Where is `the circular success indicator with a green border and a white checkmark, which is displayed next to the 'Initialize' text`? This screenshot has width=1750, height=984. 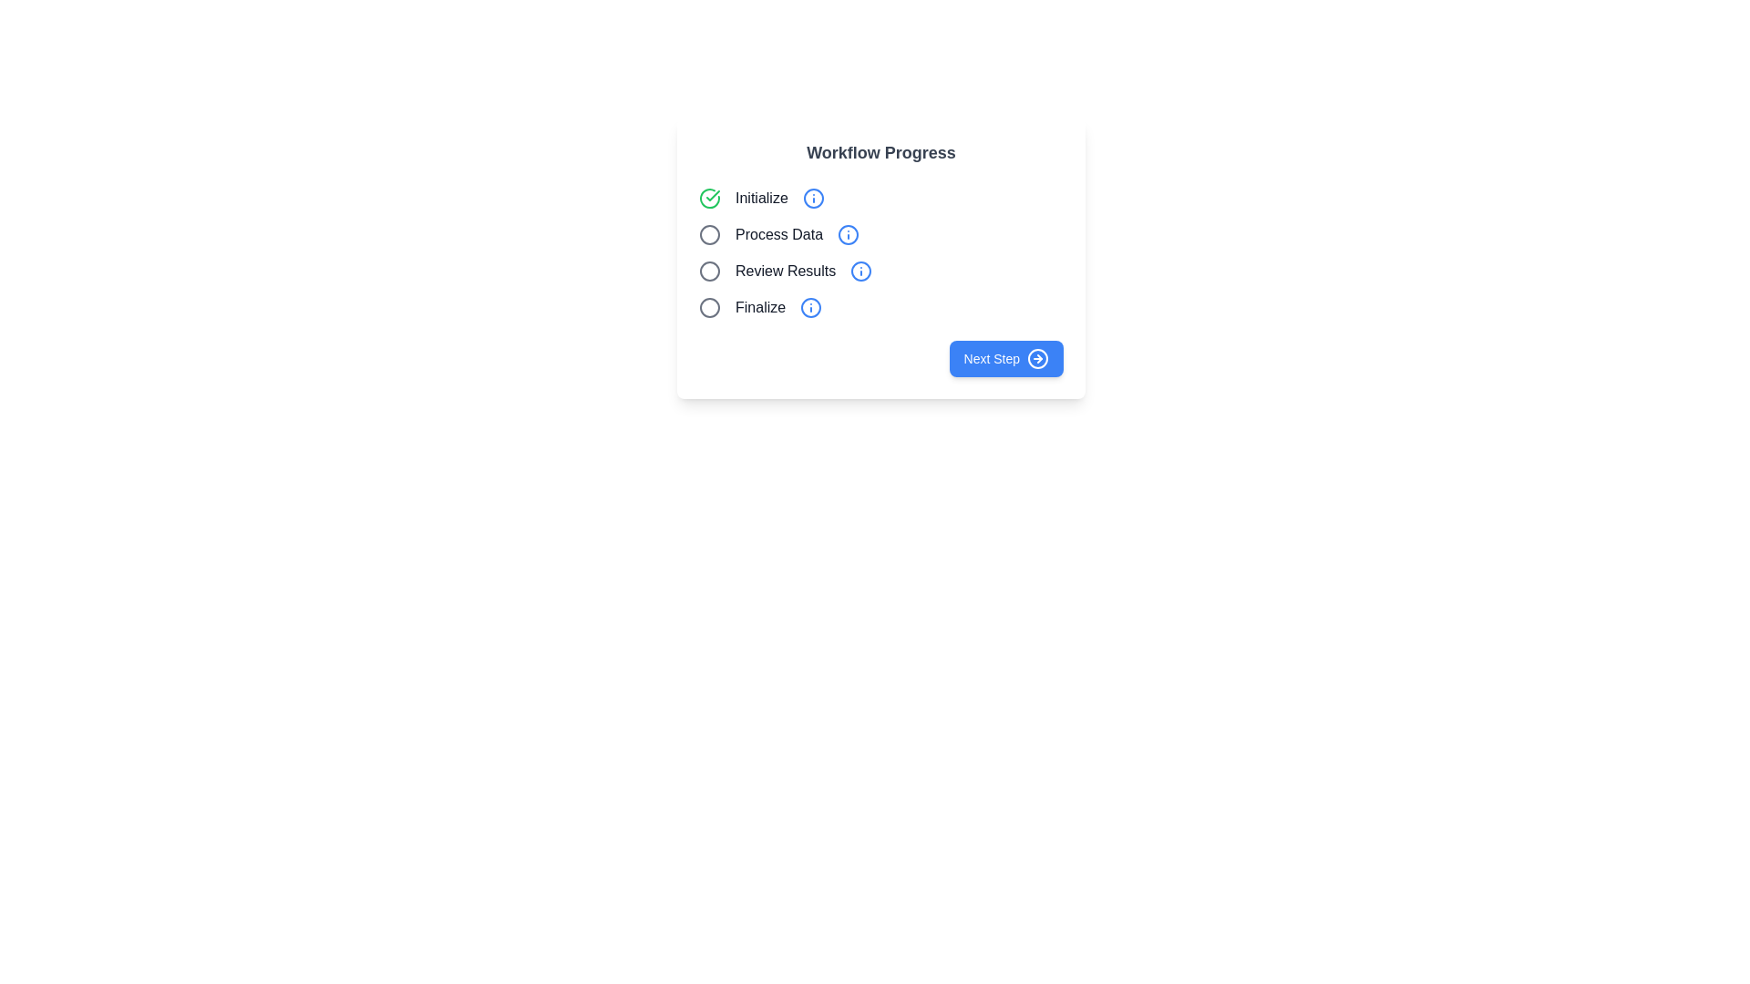
the circular success indicator with a green border and a white checkmark, which is displayed next to the 'Initialize' text is located at coordinates (708, 199).